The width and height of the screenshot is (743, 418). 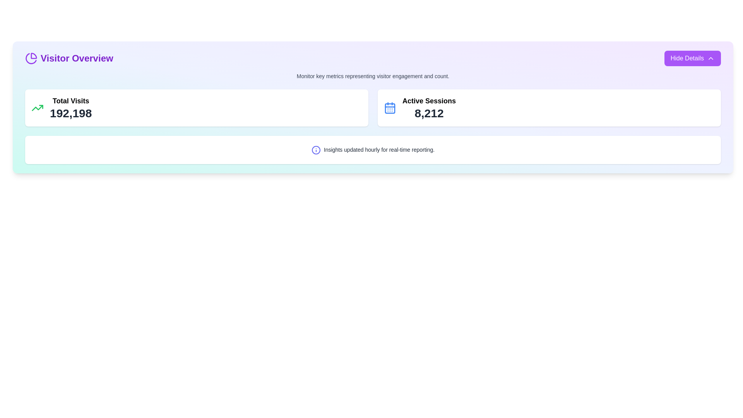 What do you see at coordinates (379, 149) in the screenshot?
I see `the text label that reads 'Insights updated hourly for real-time reporting.' which is styled with a gray font color and located towards the center of a white background section at the bottom of a dashboard panel` at bounding box center [379, 149].